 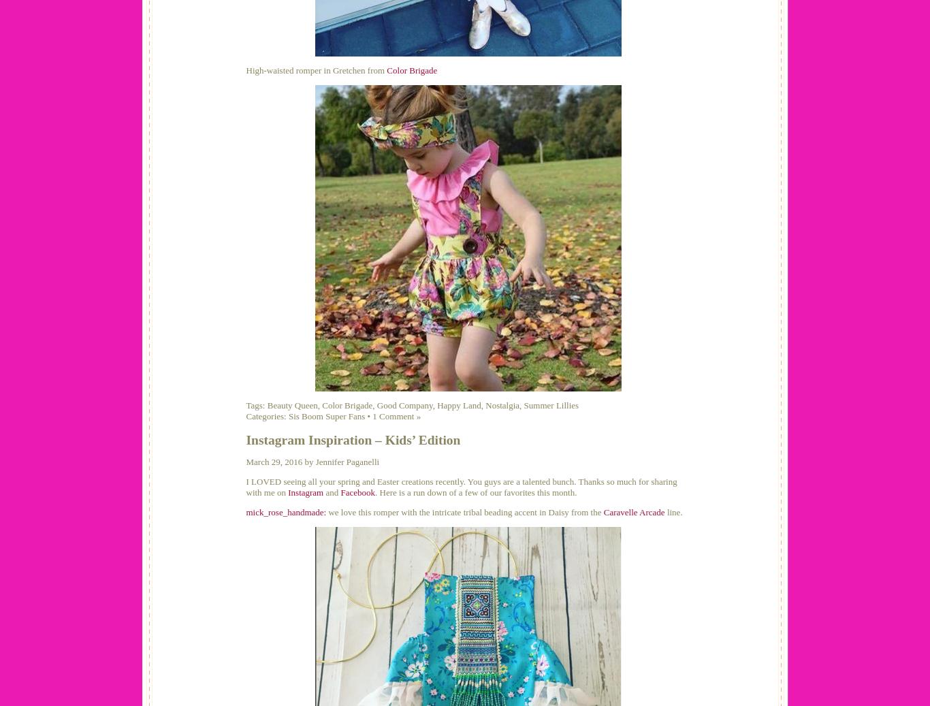 What do you see at coordinates (550, 405) in the screenshot?
I see `'Summer Lillies'` at bounding box center [550, 405].